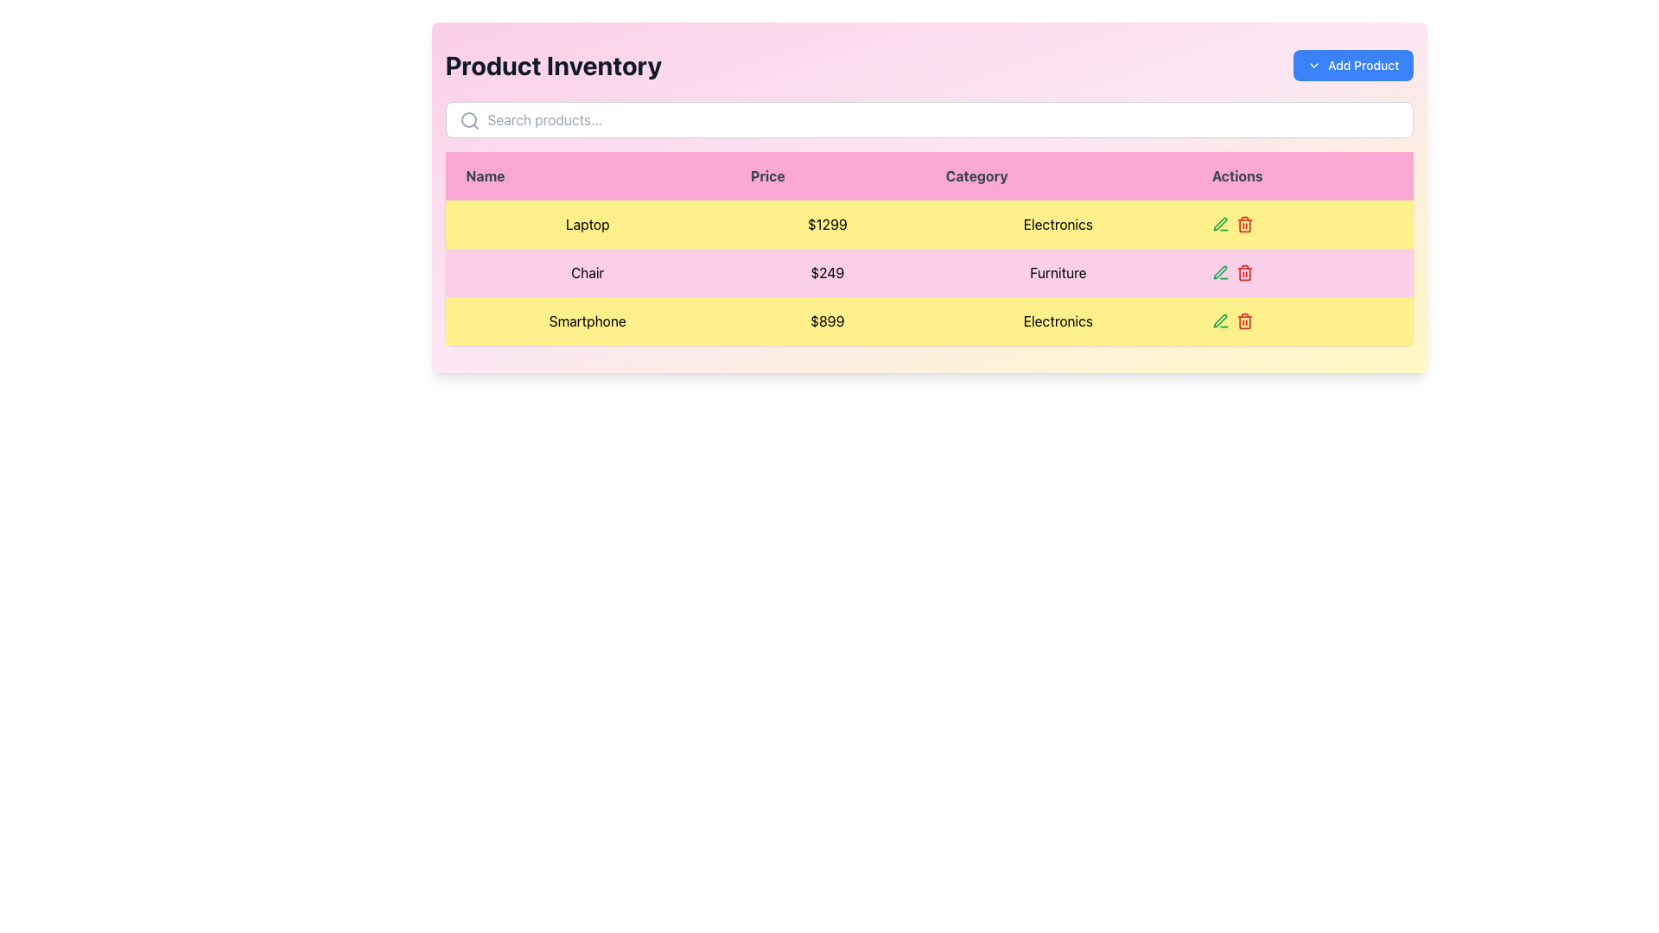  What do you see at coordinates (468, 118) in the screenshot?
I see `the circle graphic element within the magnifying glass search icon, located at the center of the SVG` at bounding box center [468, 118].